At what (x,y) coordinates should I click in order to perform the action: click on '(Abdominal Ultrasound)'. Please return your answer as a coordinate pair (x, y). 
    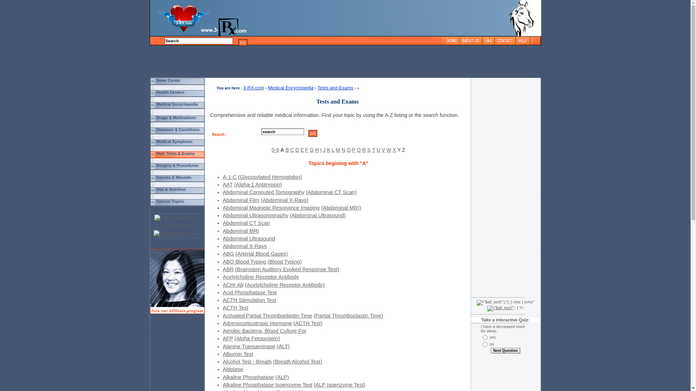
    Looking at the image, I should click on (289, 215).